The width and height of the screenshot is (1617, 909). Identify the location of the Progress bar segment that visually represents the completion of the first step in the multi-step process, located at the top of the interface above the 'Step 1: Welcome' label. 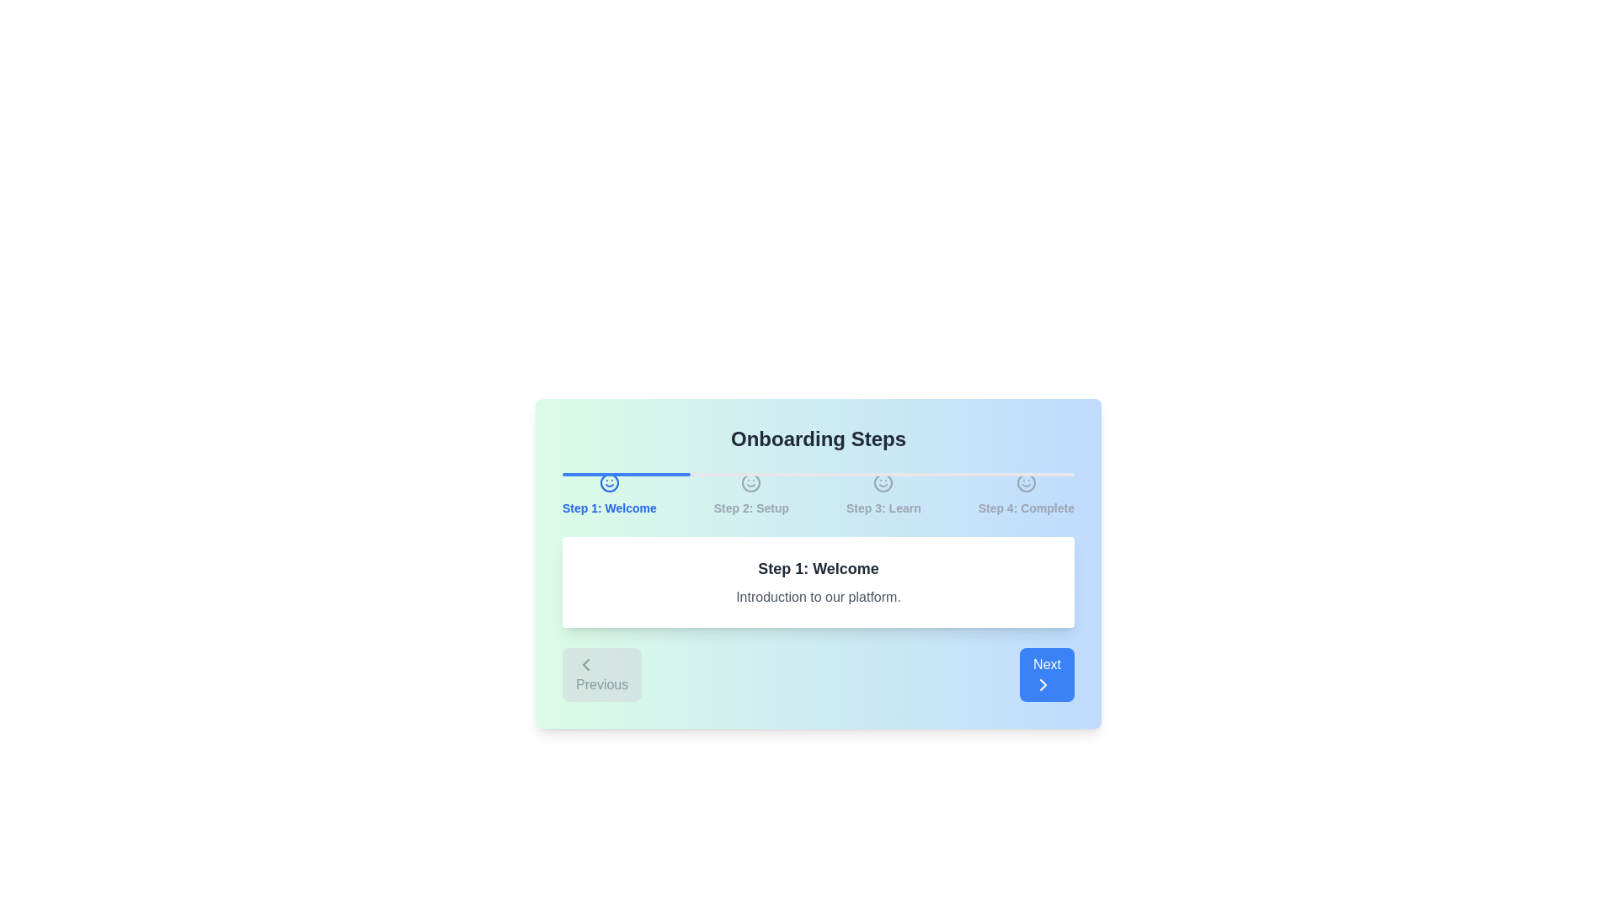
(626, 474).